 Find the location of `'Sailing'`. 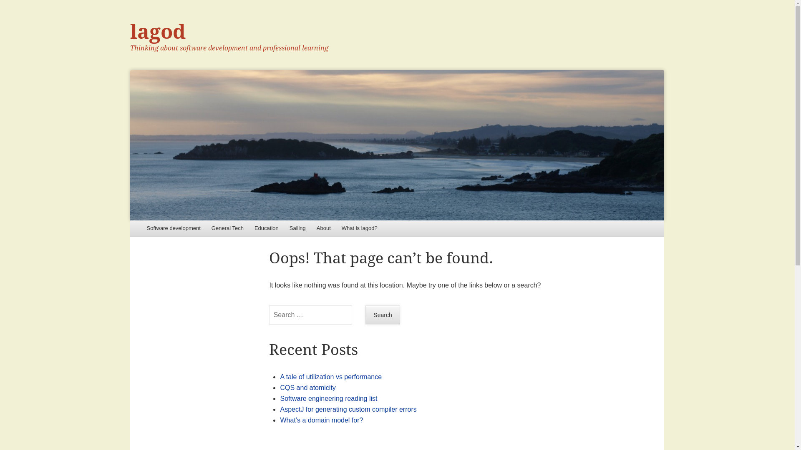

'Sailing' is located at coordinates (297, 228).